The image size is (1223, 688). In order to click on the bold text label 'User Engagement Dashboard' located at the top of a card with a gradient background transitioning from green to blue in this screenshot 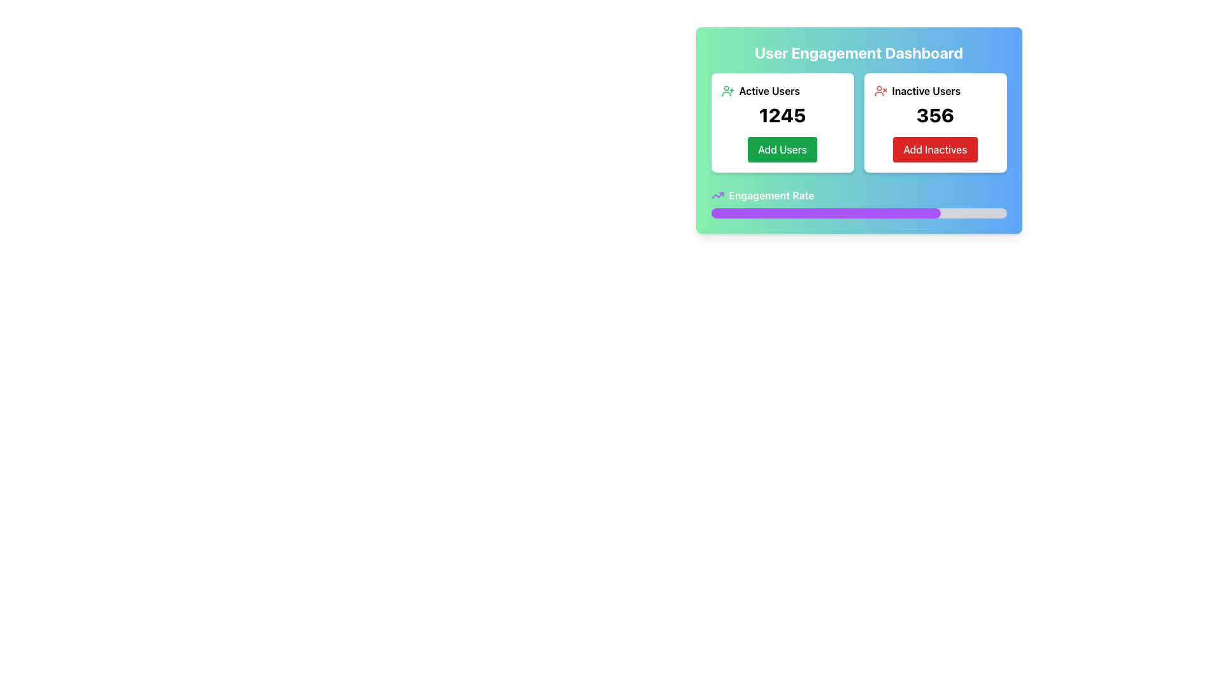, I will do `click(859, 52)`.